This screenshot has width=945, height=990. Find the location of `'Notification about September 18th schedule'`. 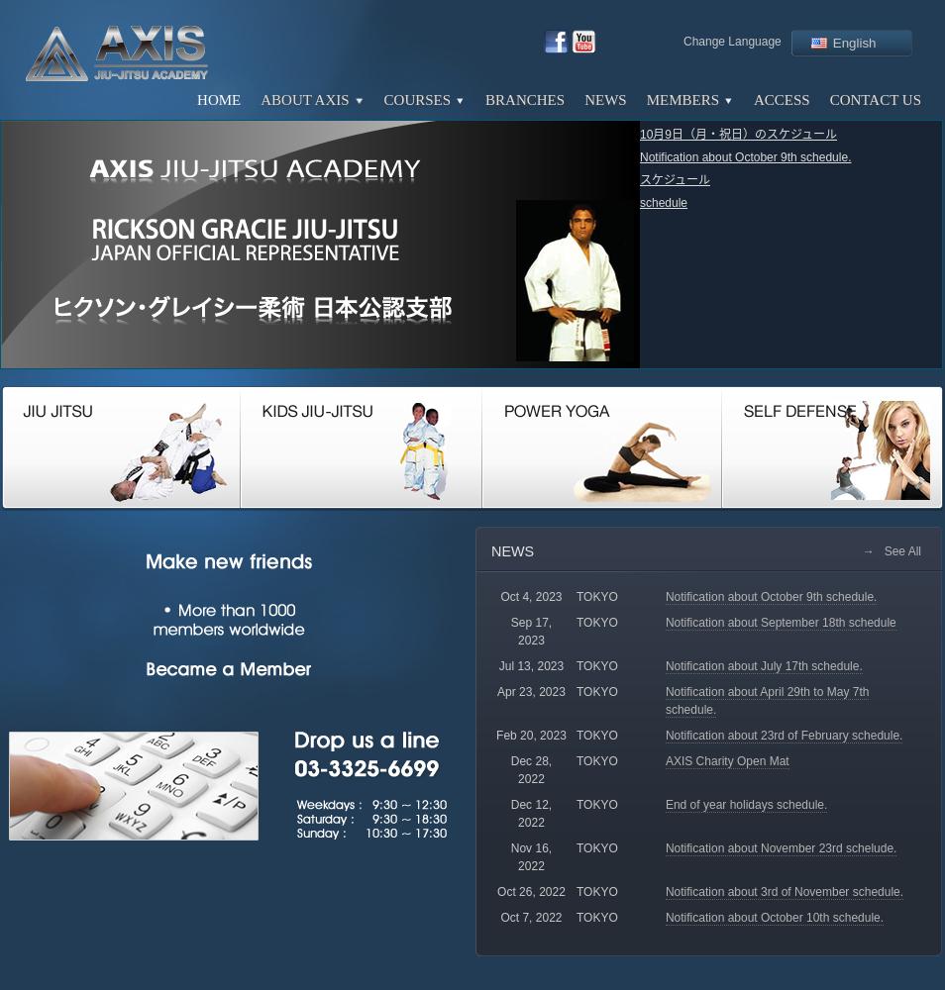

'Notification about September 18th schedule' is located at coordinates (780, 622).